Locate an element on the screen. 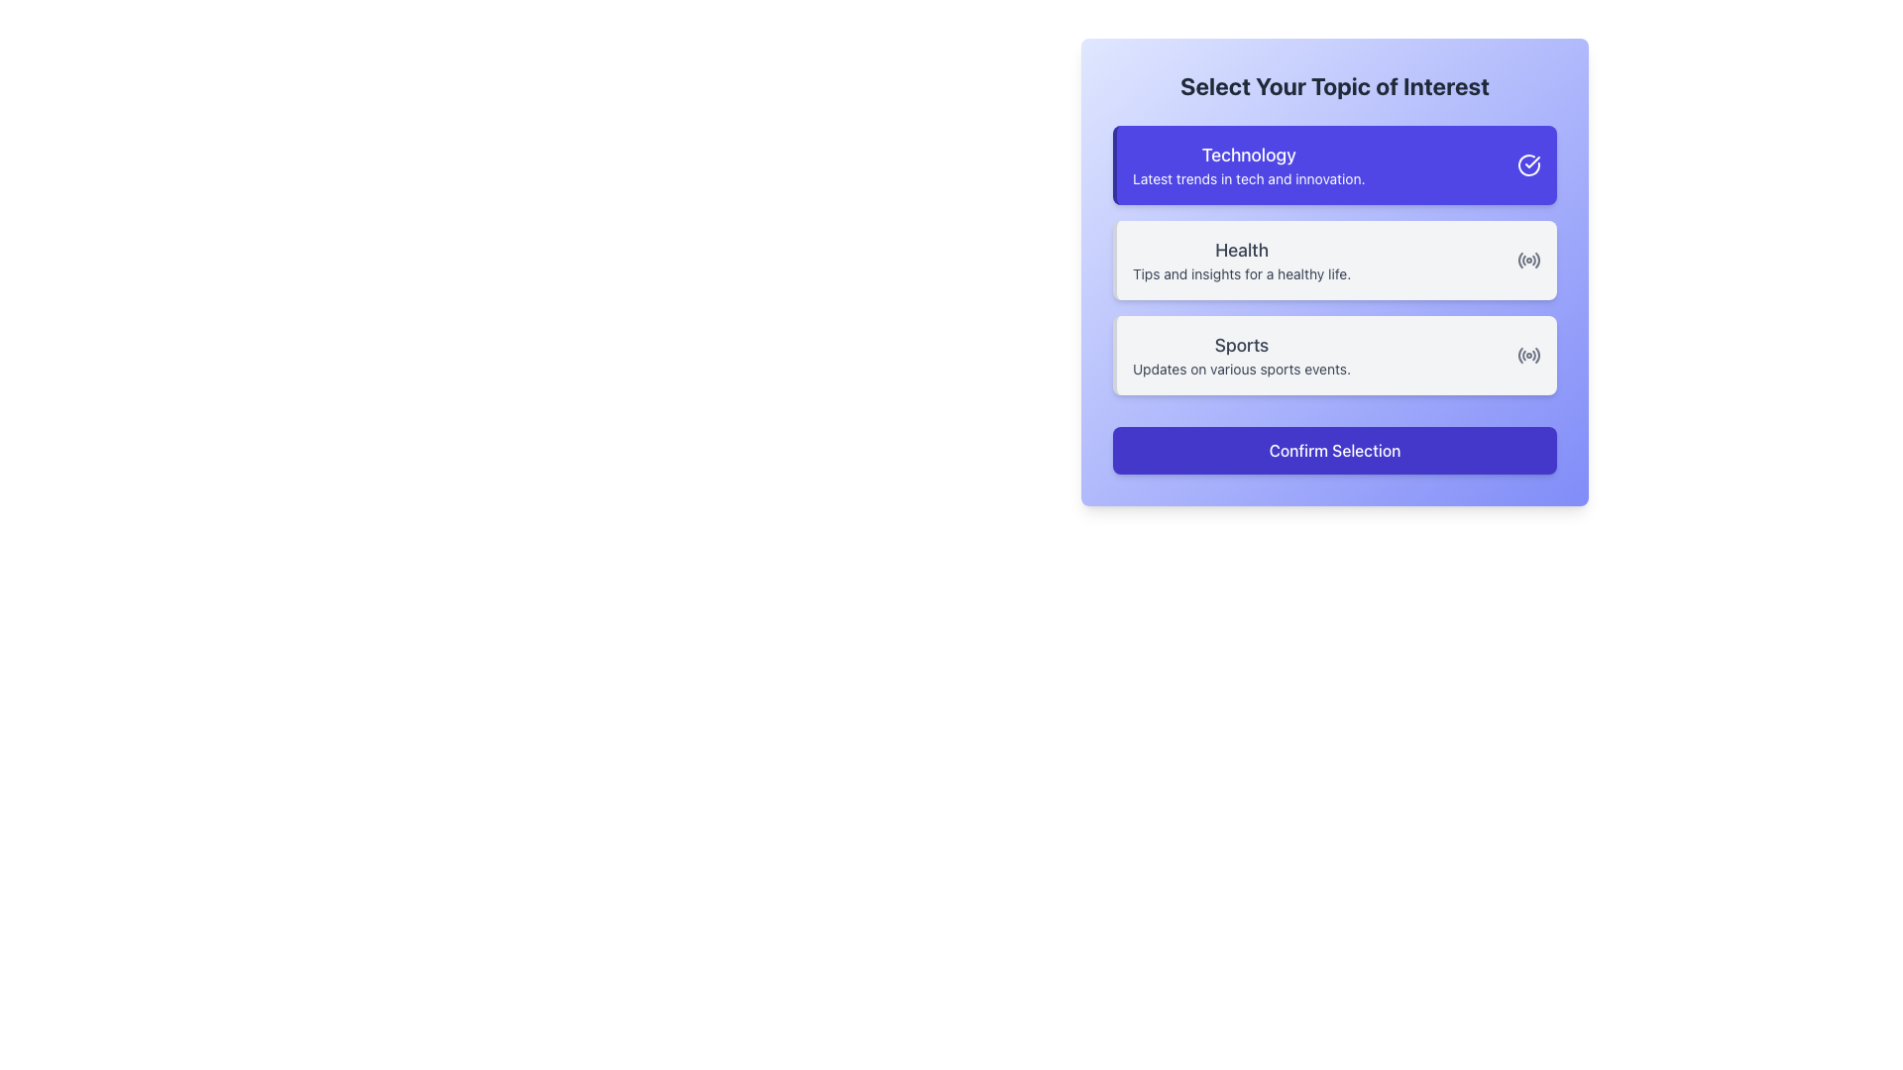 This screenshot has width=1903, height=1070. the 'Health' icon located on the right side within the 'Health' selection box, positioned near the vertical middle of the box is located at coordinates (1527, 259).